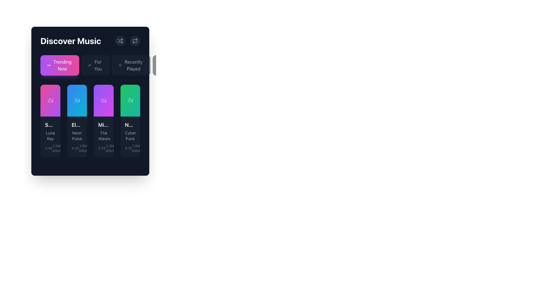  Describe the element at coordinates (128, 148) in the screenshot. I see `the surrounding elements related to the duration text displayed at the bottom of the fourth rectangular card in the 'Trending Now' section` at that location.